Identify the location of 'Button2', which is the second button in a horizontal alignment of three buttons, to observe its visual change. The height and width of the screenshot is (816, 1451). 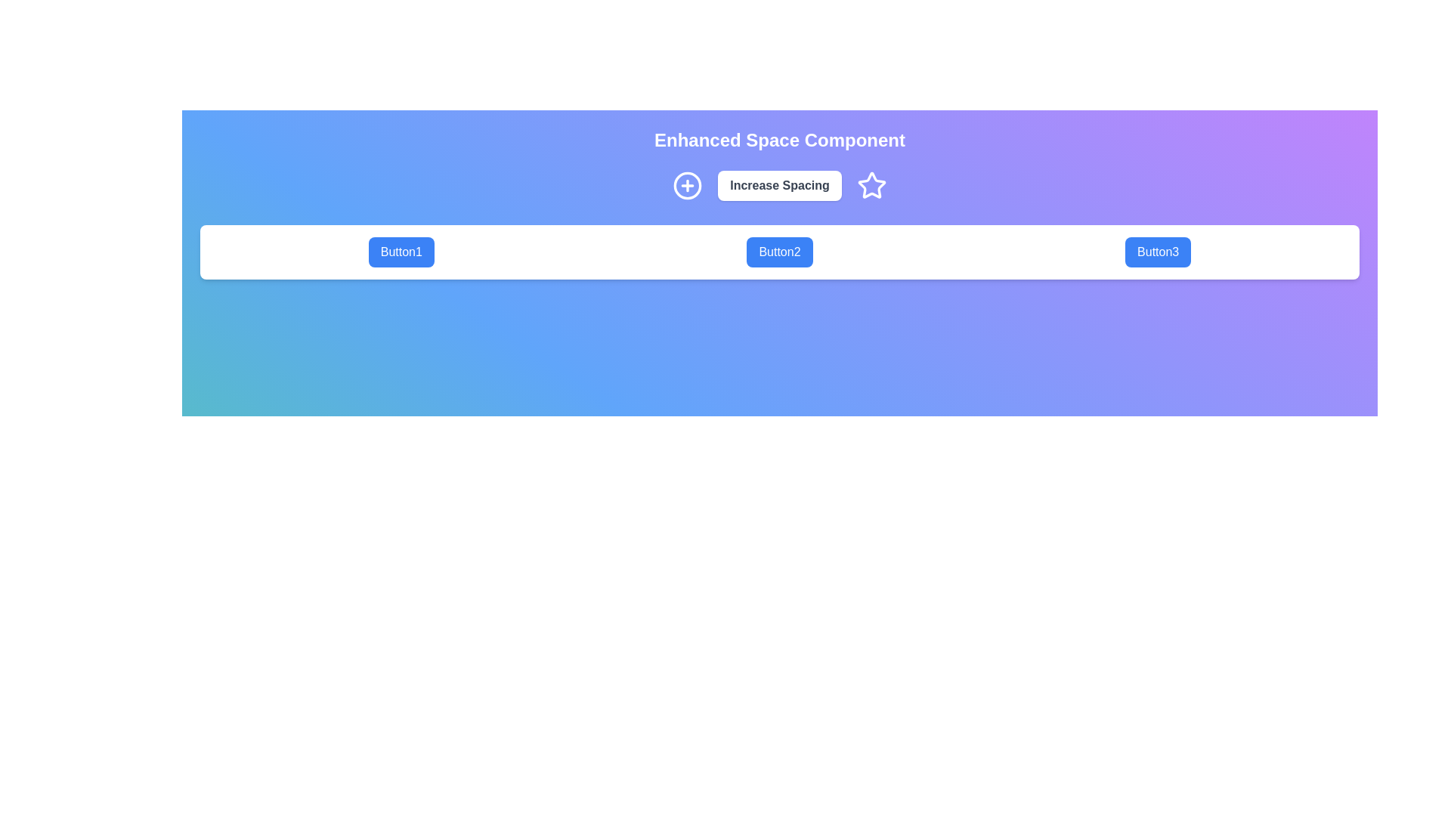
(780, 252).